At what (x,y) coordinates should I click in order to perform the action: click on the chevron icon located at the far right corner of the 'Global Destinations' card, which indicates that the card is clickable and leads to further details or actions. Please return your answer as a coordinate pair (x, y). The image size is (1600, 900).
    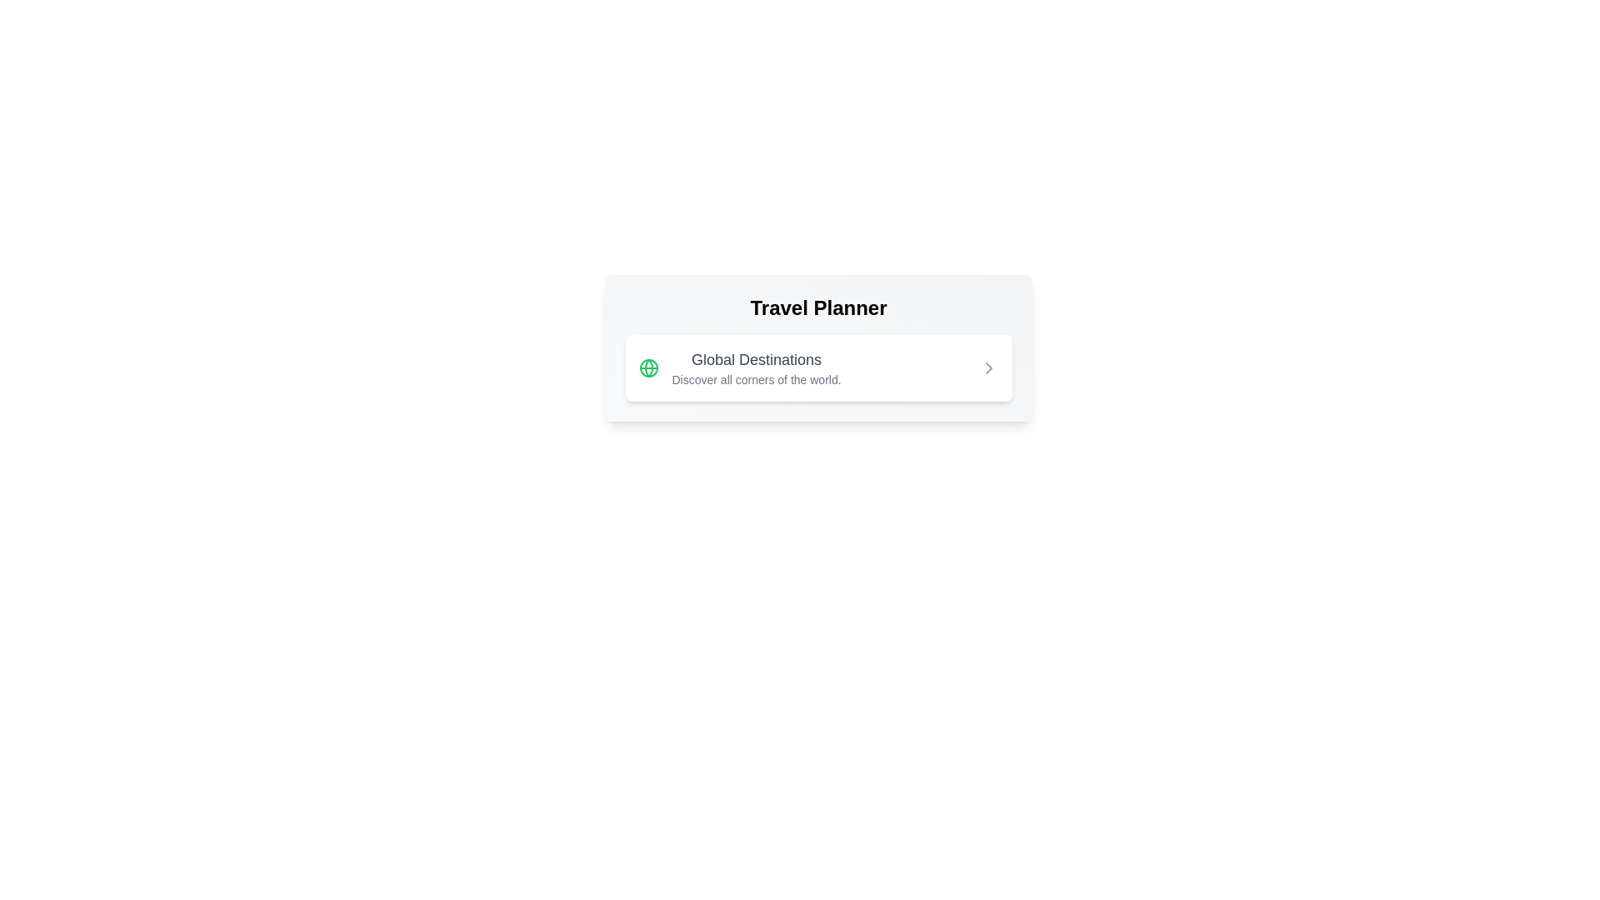
    Looking at the image, I should click on (988, 367).